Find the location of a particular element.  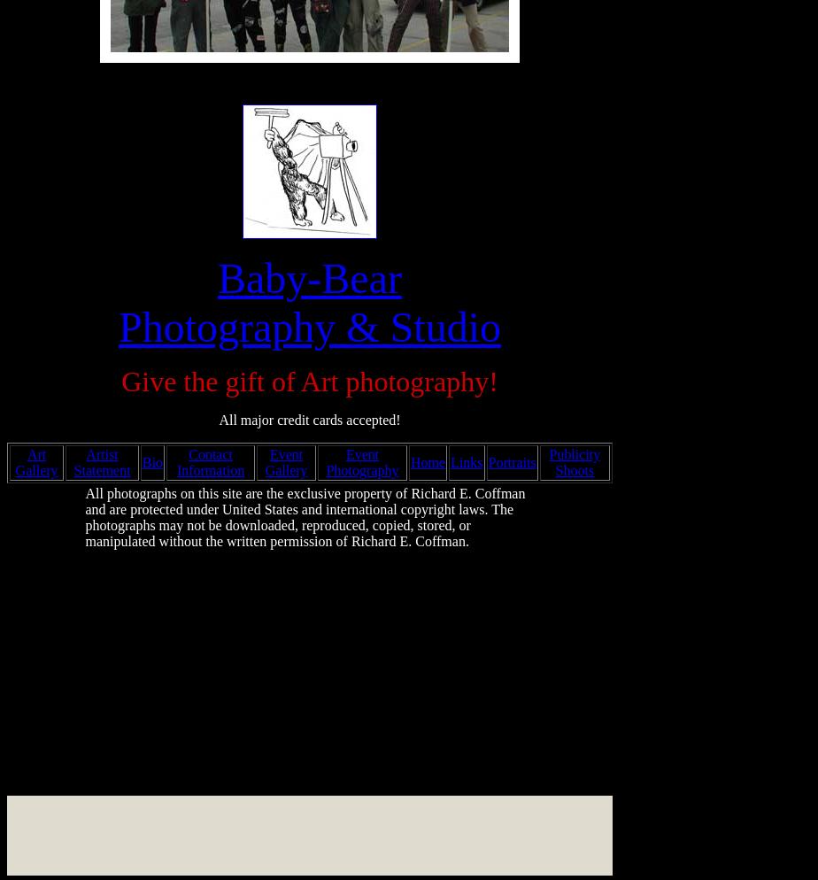

'Give the gift of Art photography!' is located at coordinates (121, 381).